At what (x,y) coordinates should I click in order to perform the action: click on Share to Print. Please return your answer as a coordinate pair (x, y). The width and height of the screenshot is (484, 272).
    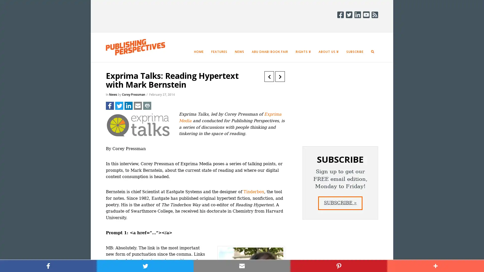
    Looking at the image, I should click on (147, 106).